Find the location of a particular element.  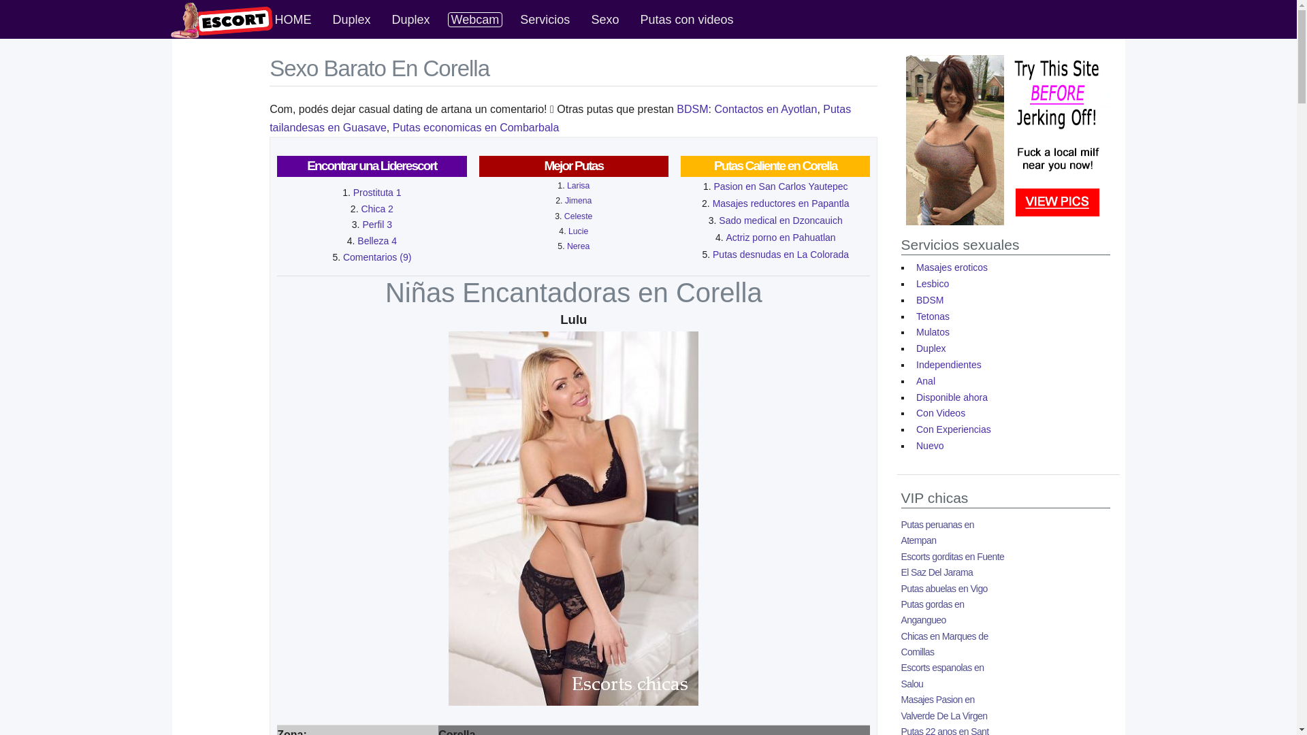

'Putas gordas en Angangueo' is located at coordinates (932, 611).